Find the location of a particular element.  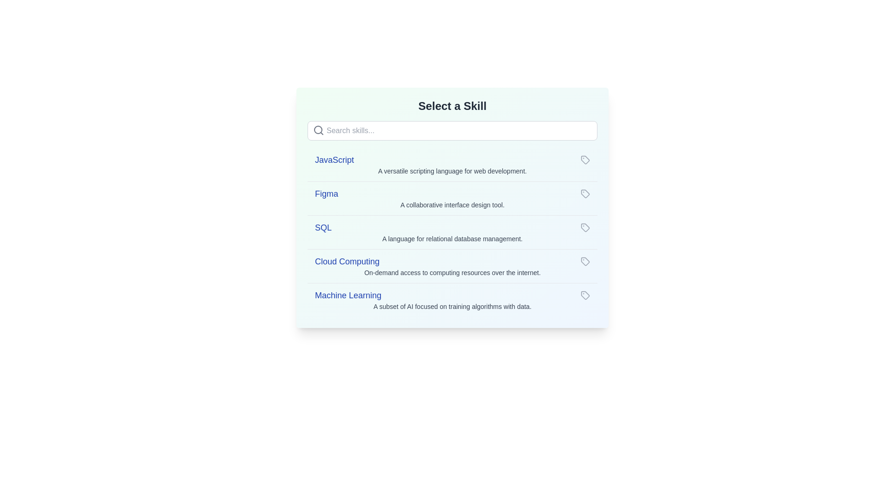

the text label that describes the SQL skill, which is styled in gray and contains the sentence 'A language for relational database management.' is located at coordinates (453, 238).